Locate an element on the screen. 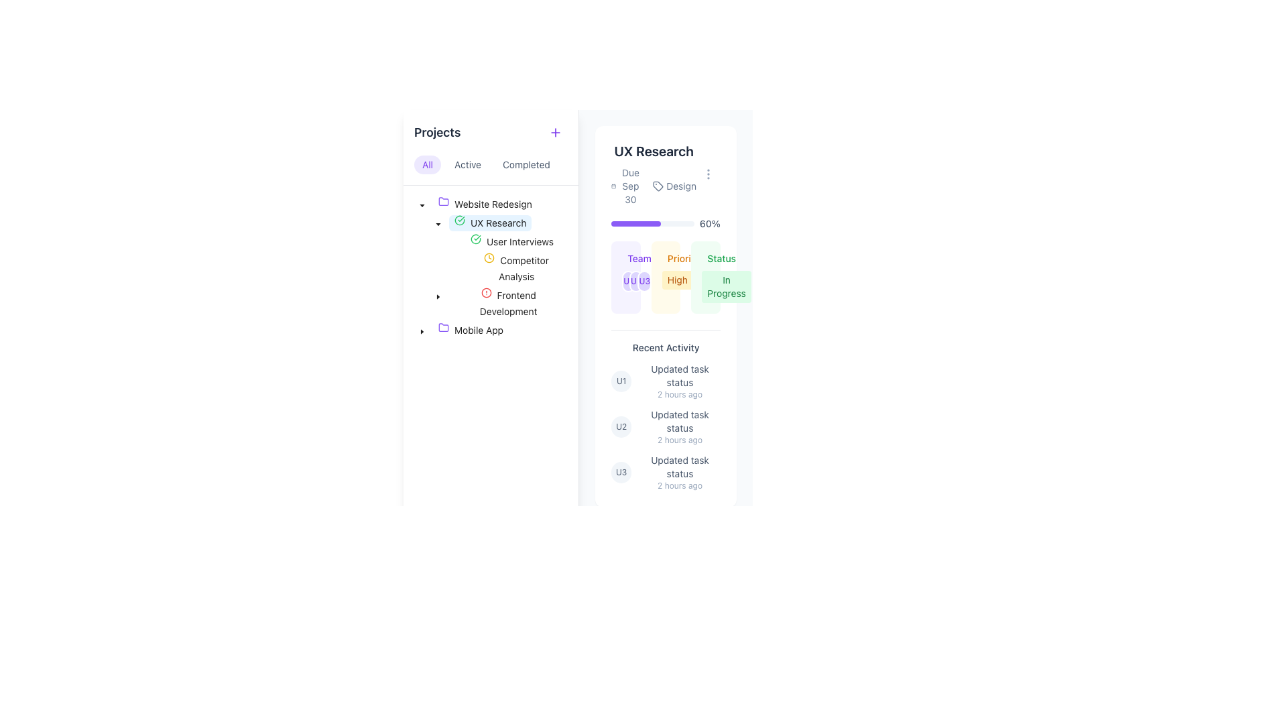 The image size is (1287, 724). the third circular badge labeled 'U3' in the 'Team' section of the UX Research panel is located at coordinates (644, 281).